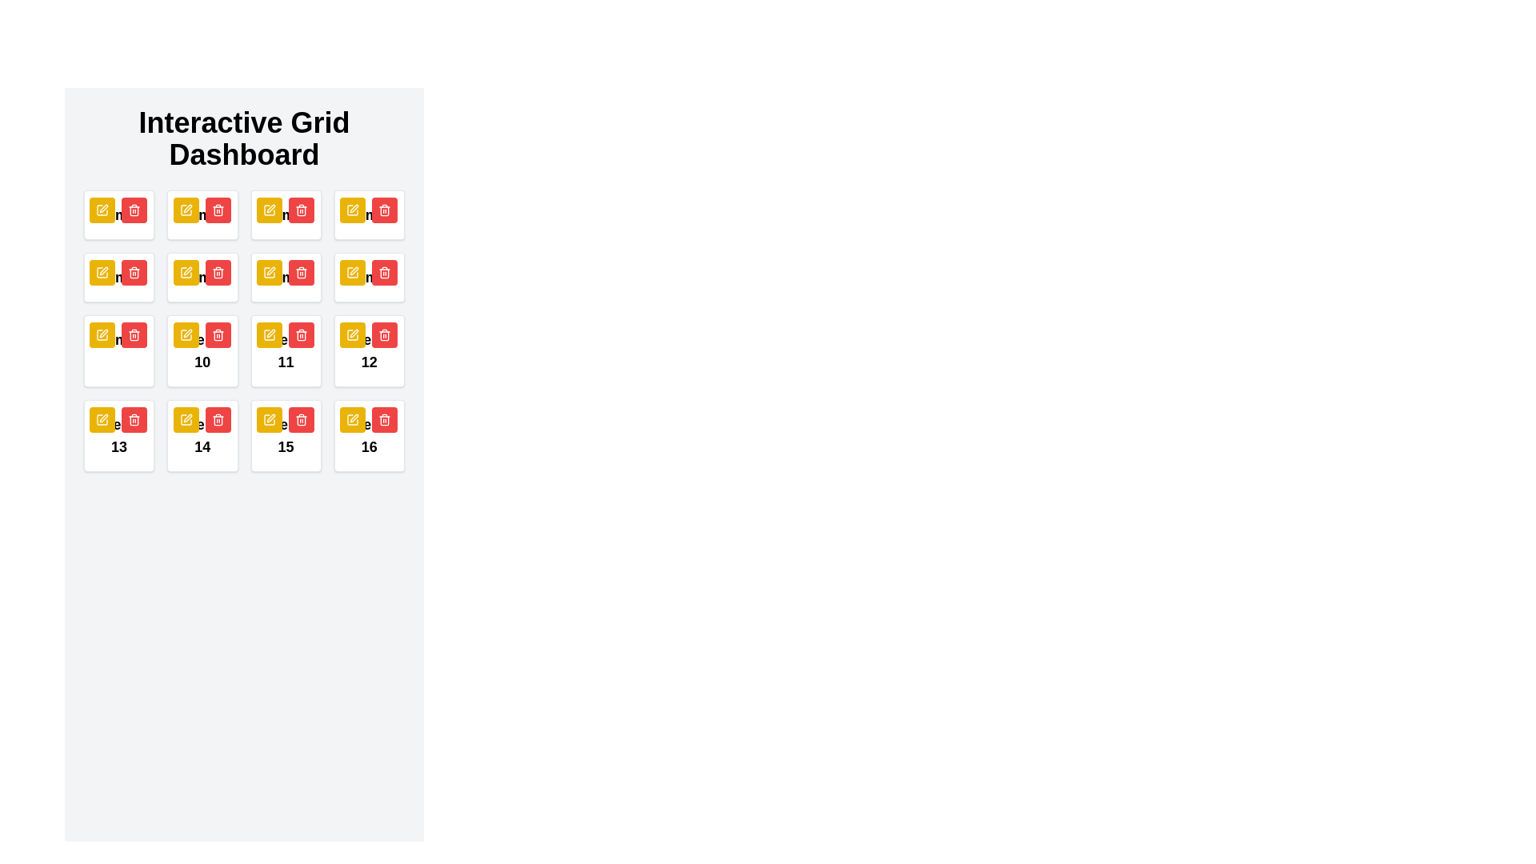  I want to click on the first button in the top-right corner of the grid cell, so click(352, 418).